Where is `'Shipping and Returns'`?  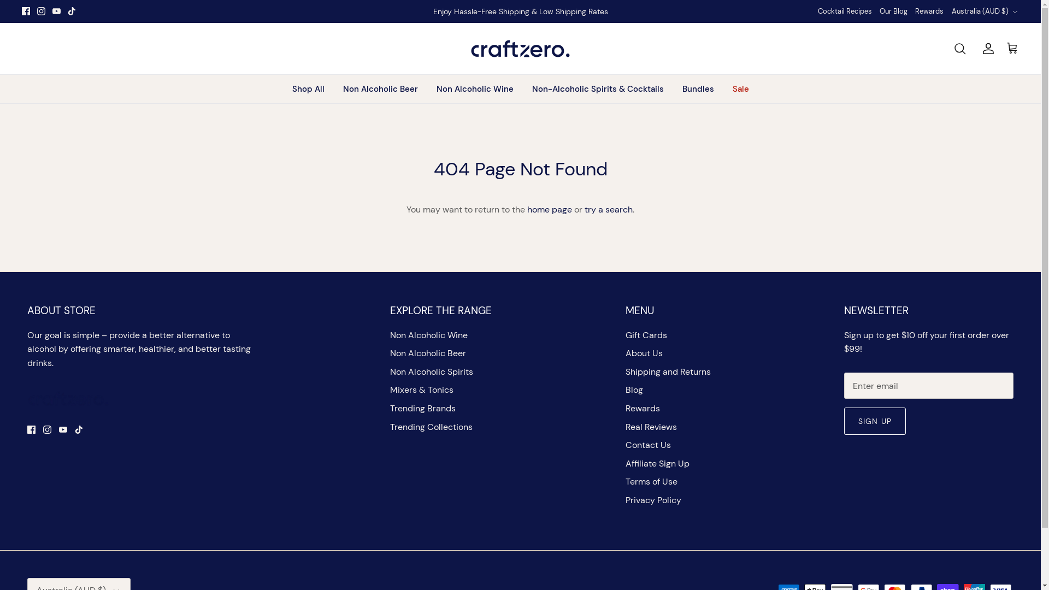
'Shipping and Returns' is located at coordinates (668, 371).